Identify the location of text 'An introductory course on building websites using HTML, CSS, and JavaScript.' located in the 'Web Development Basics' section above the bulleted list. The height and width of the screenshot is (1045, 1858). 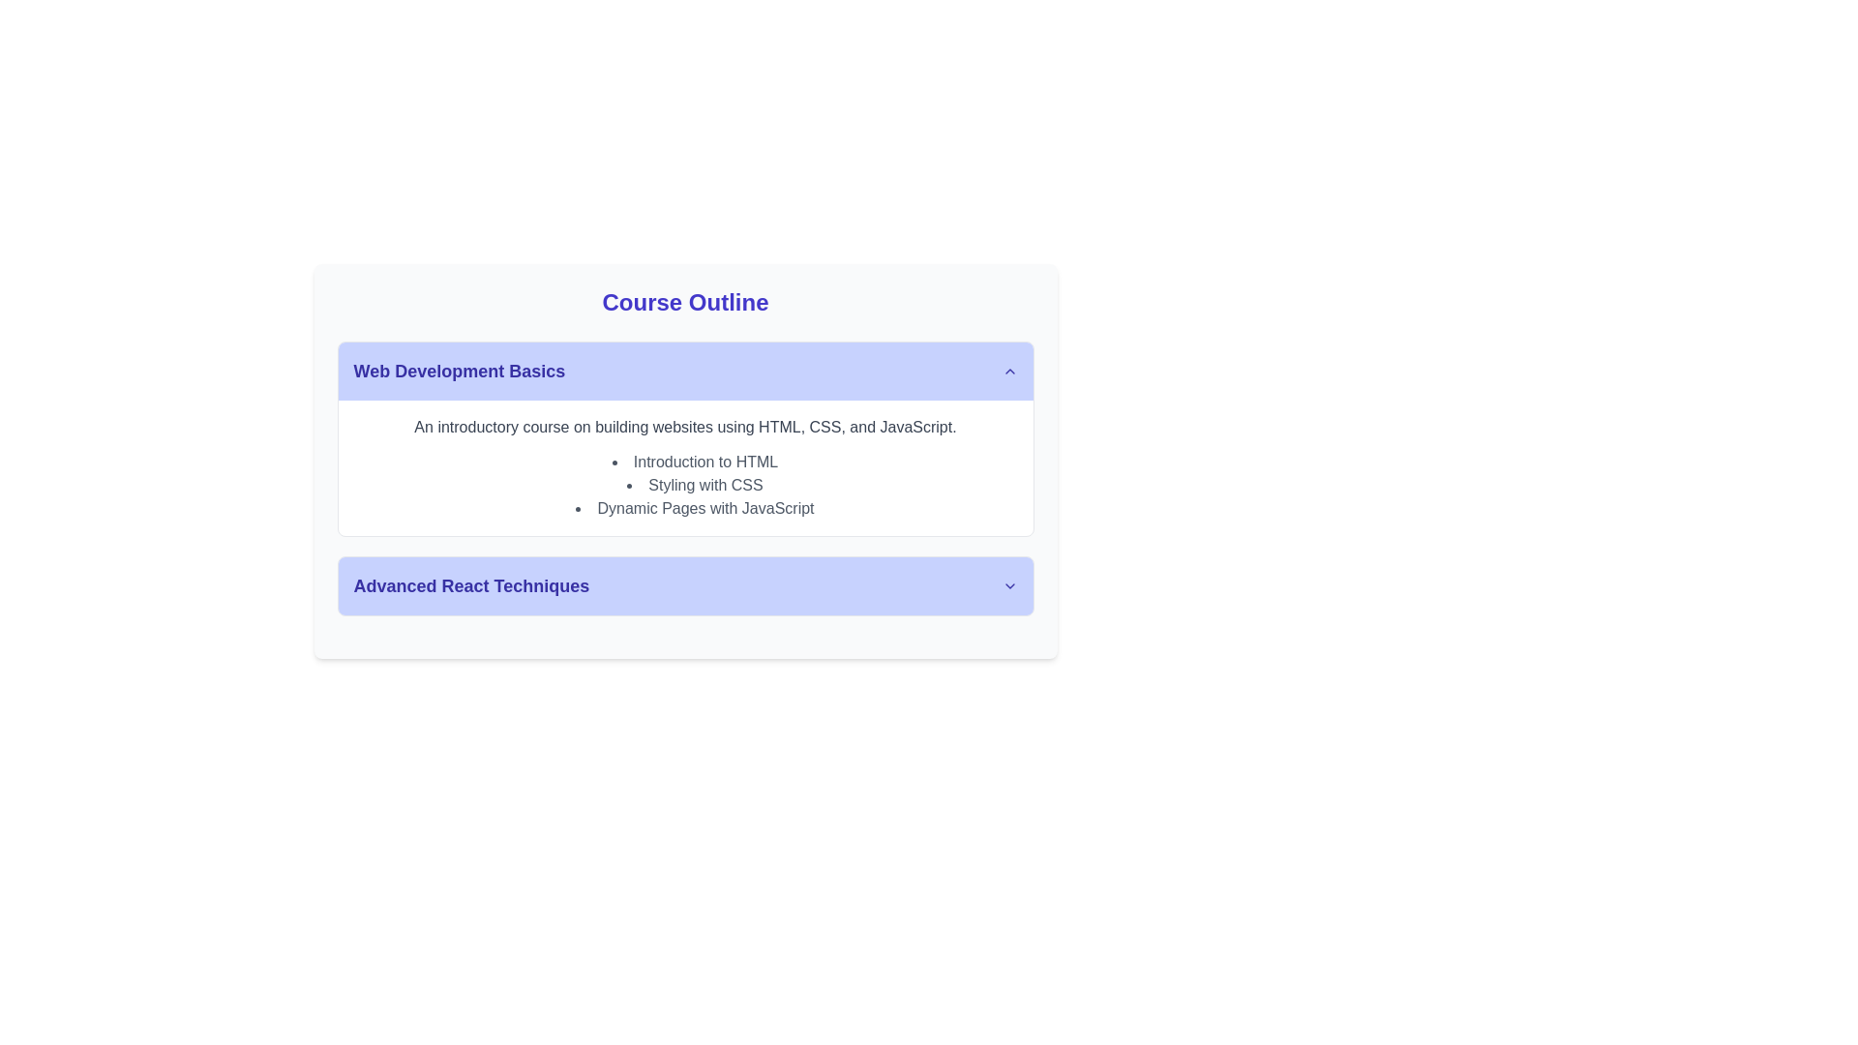
(685, 427).